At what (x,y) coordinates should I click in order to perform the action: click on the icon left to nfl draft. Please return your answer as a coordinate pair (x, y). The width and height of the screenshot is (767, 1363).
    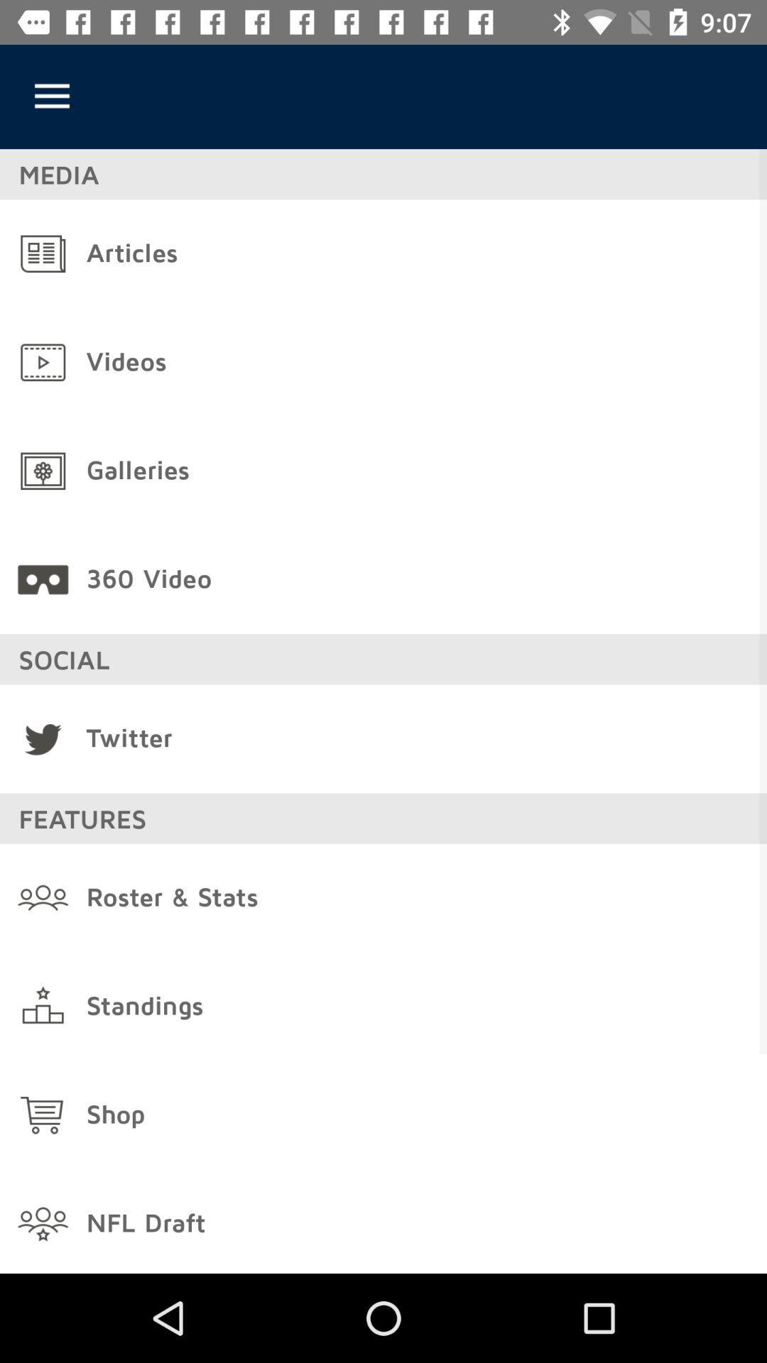
    Looking at the image, I should click on (43, 1222).